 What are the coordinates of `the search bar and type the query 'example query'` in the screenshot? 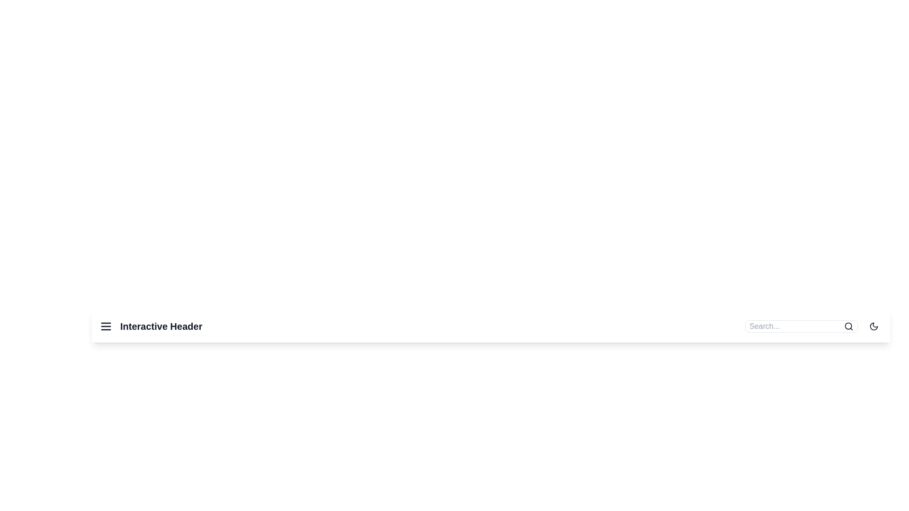 It's located at (796, 326).